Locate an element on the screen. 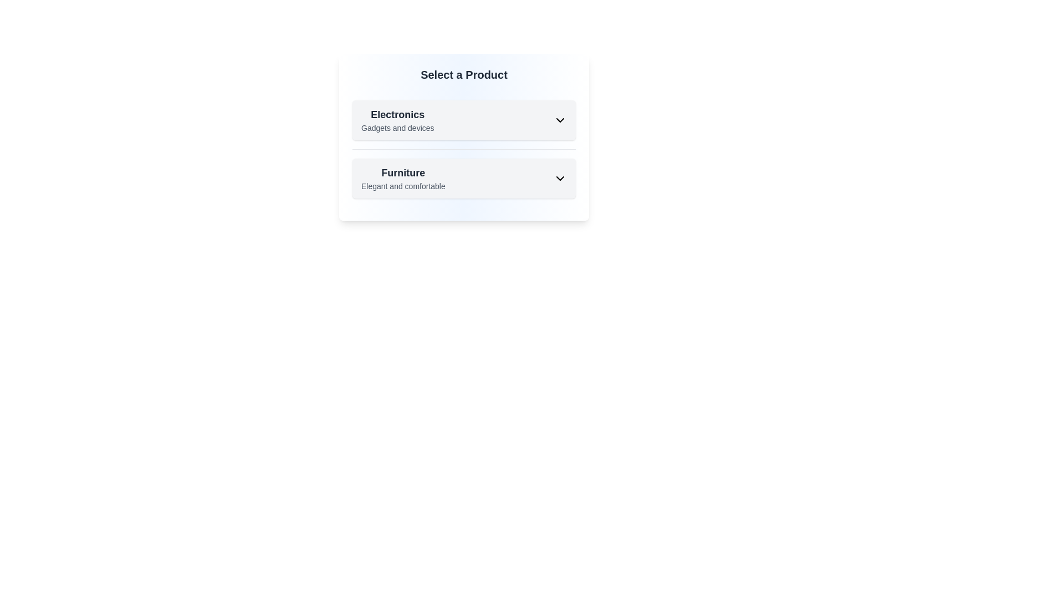 The image size is (1064, 599). the 'Electronics' text label at the beginning of the dropdown card to provide context for the selection menu is located at coordinates (397, 120).